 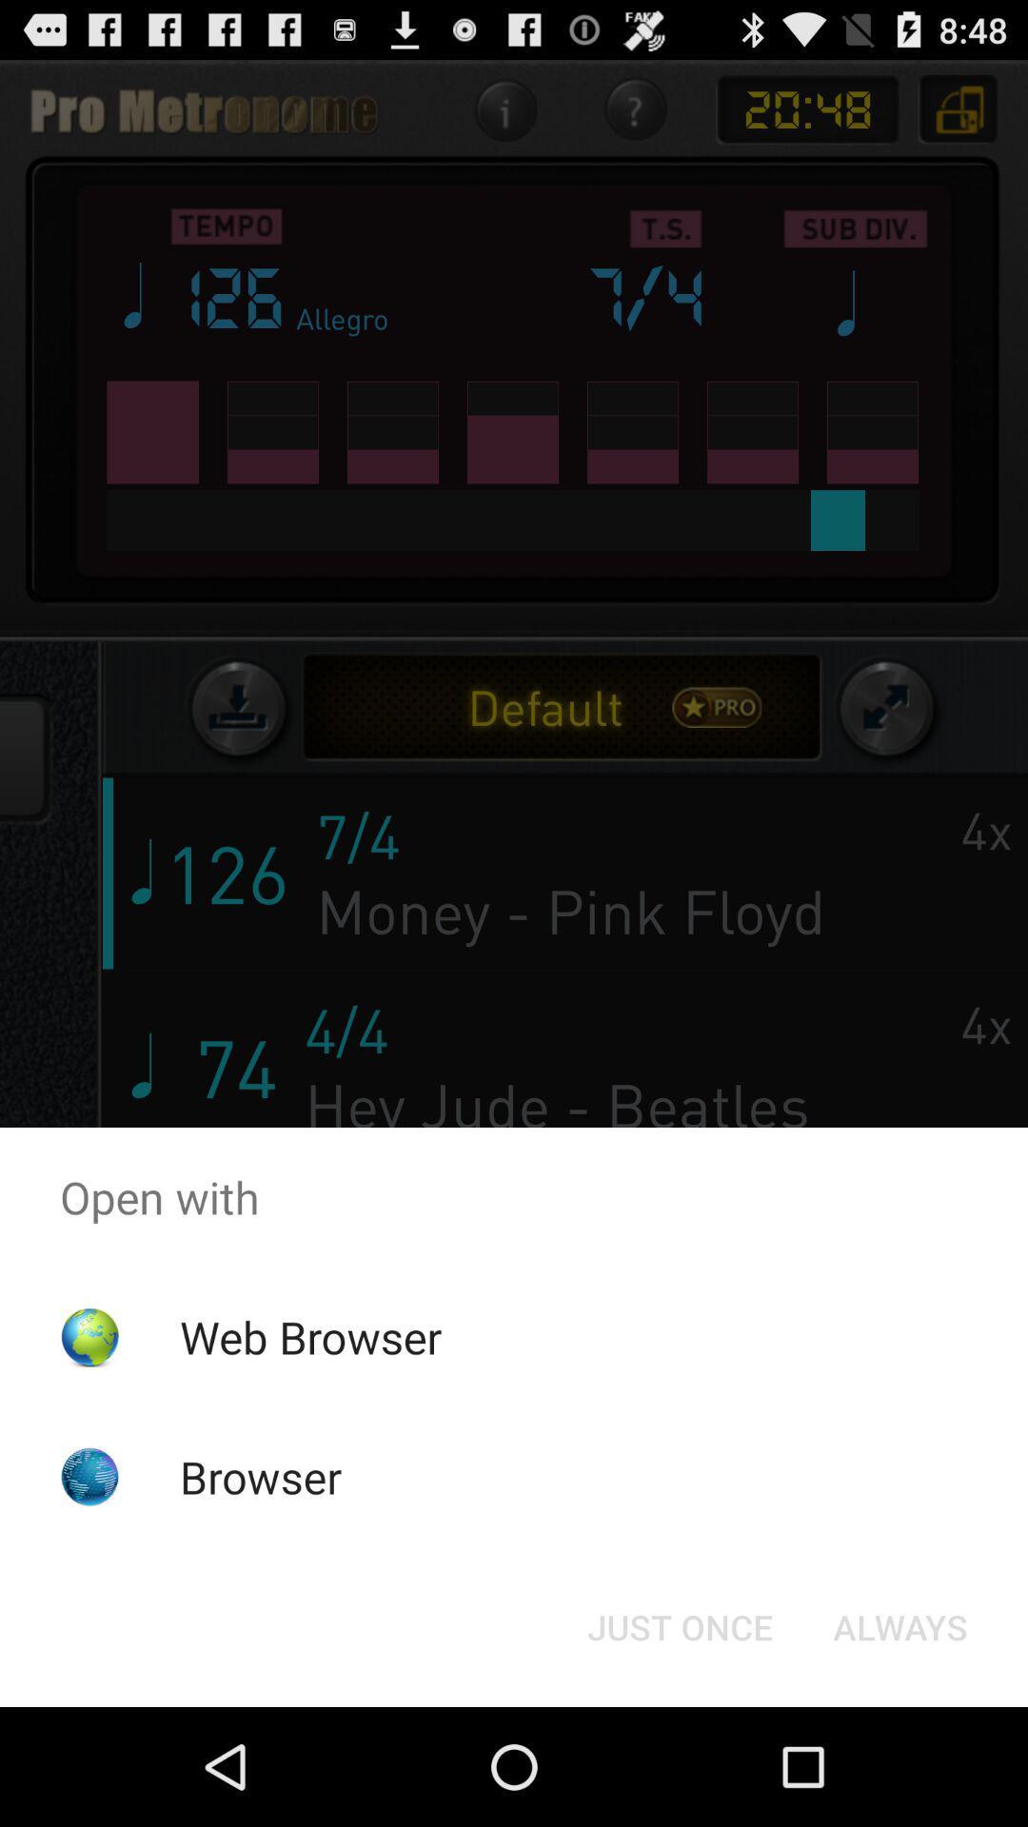 I want to click on button next to always, so click(x=679, y=1625).